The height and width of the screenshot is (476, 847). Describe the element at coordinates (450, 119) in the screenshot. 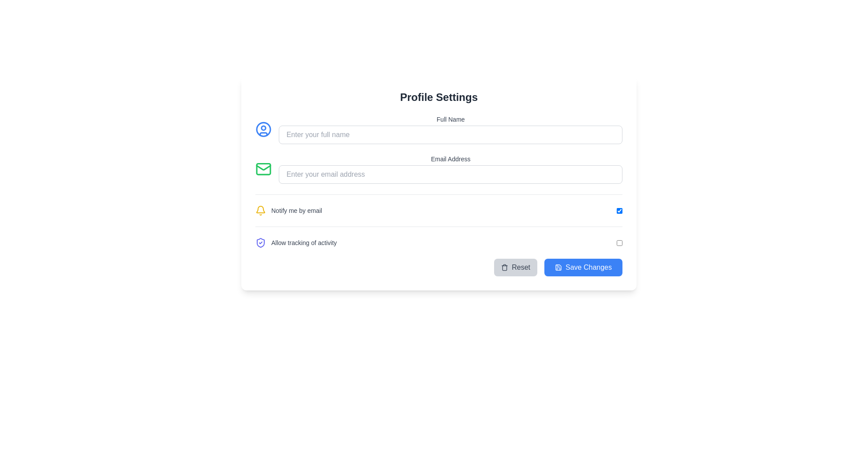

I see `the Text Label that provides guidance for the associated input field for full name entry, located at the upper center of the interface` at that location.